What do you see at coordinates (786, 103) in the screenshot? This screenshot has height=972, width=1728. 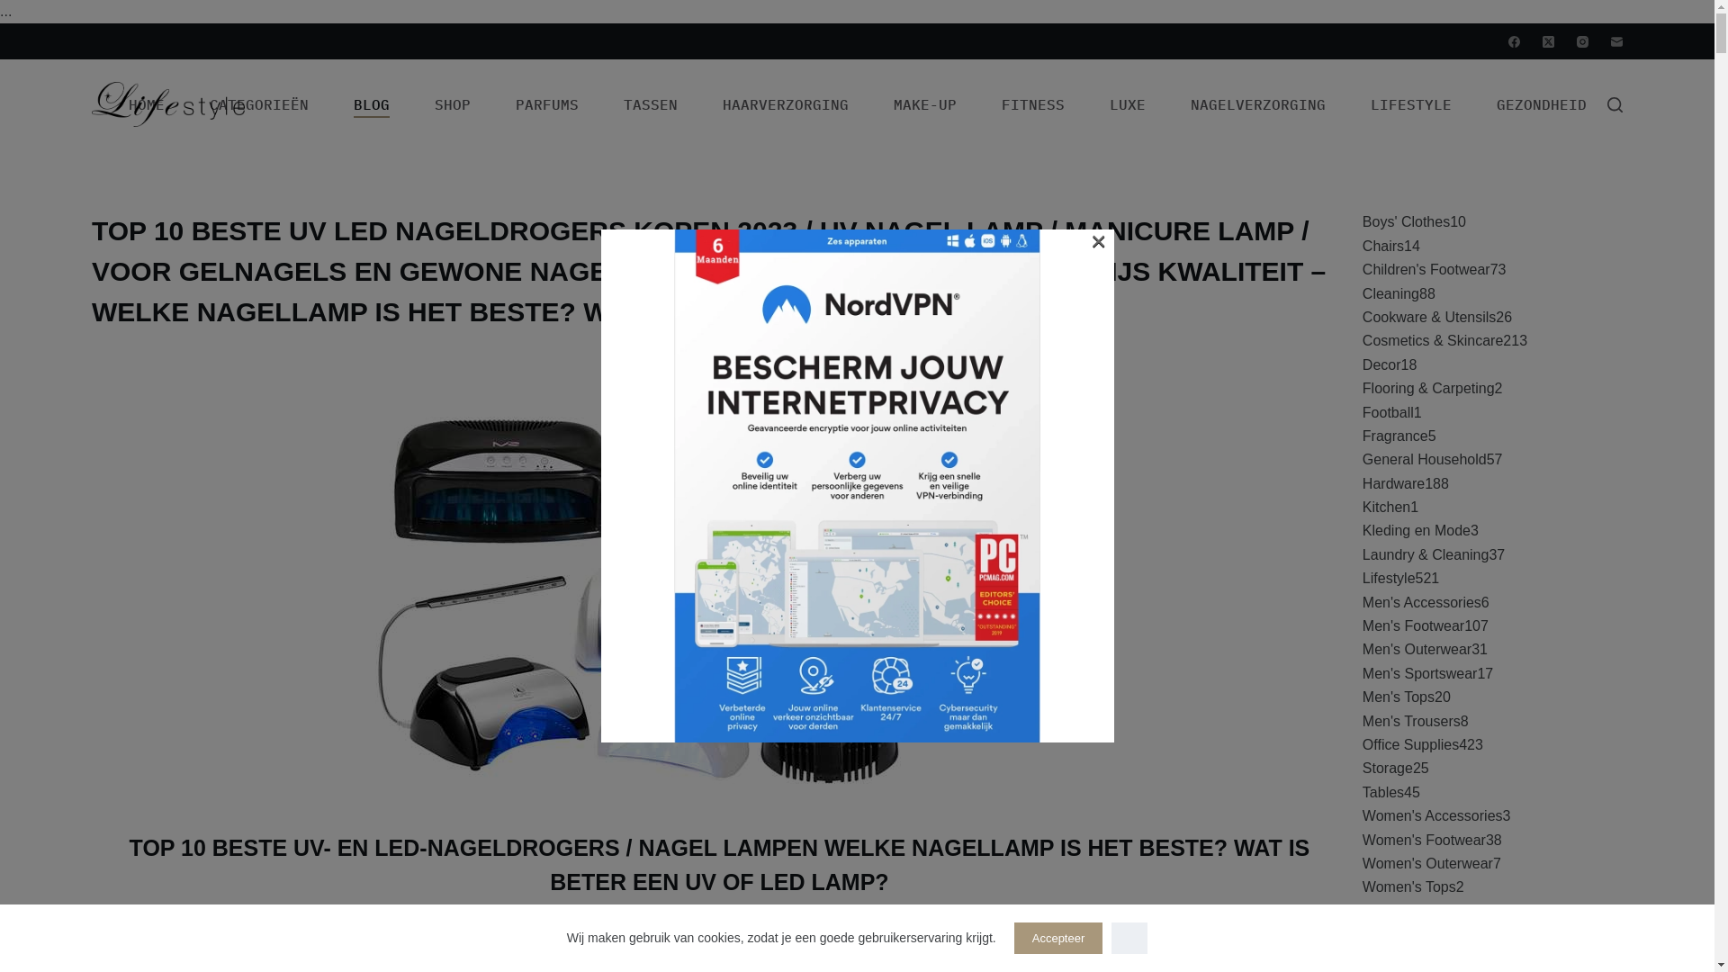 I see `'HAARVERZORGING'` at bounding box center [786, 103].